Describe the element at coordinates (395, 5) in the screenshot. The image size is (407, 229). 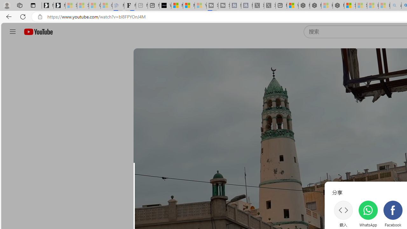
I see `'amazon - Search - Sleeping'` at that location.